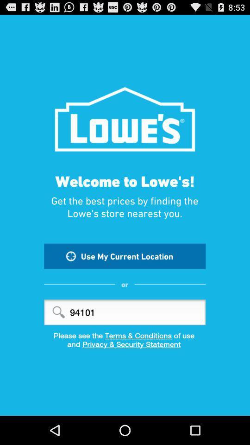 Image resolution: width=250 pixels, height=445 pixels. Describe the element at coordinates (125, 312) in the screenshot. I see `icon below the or item` at that location.